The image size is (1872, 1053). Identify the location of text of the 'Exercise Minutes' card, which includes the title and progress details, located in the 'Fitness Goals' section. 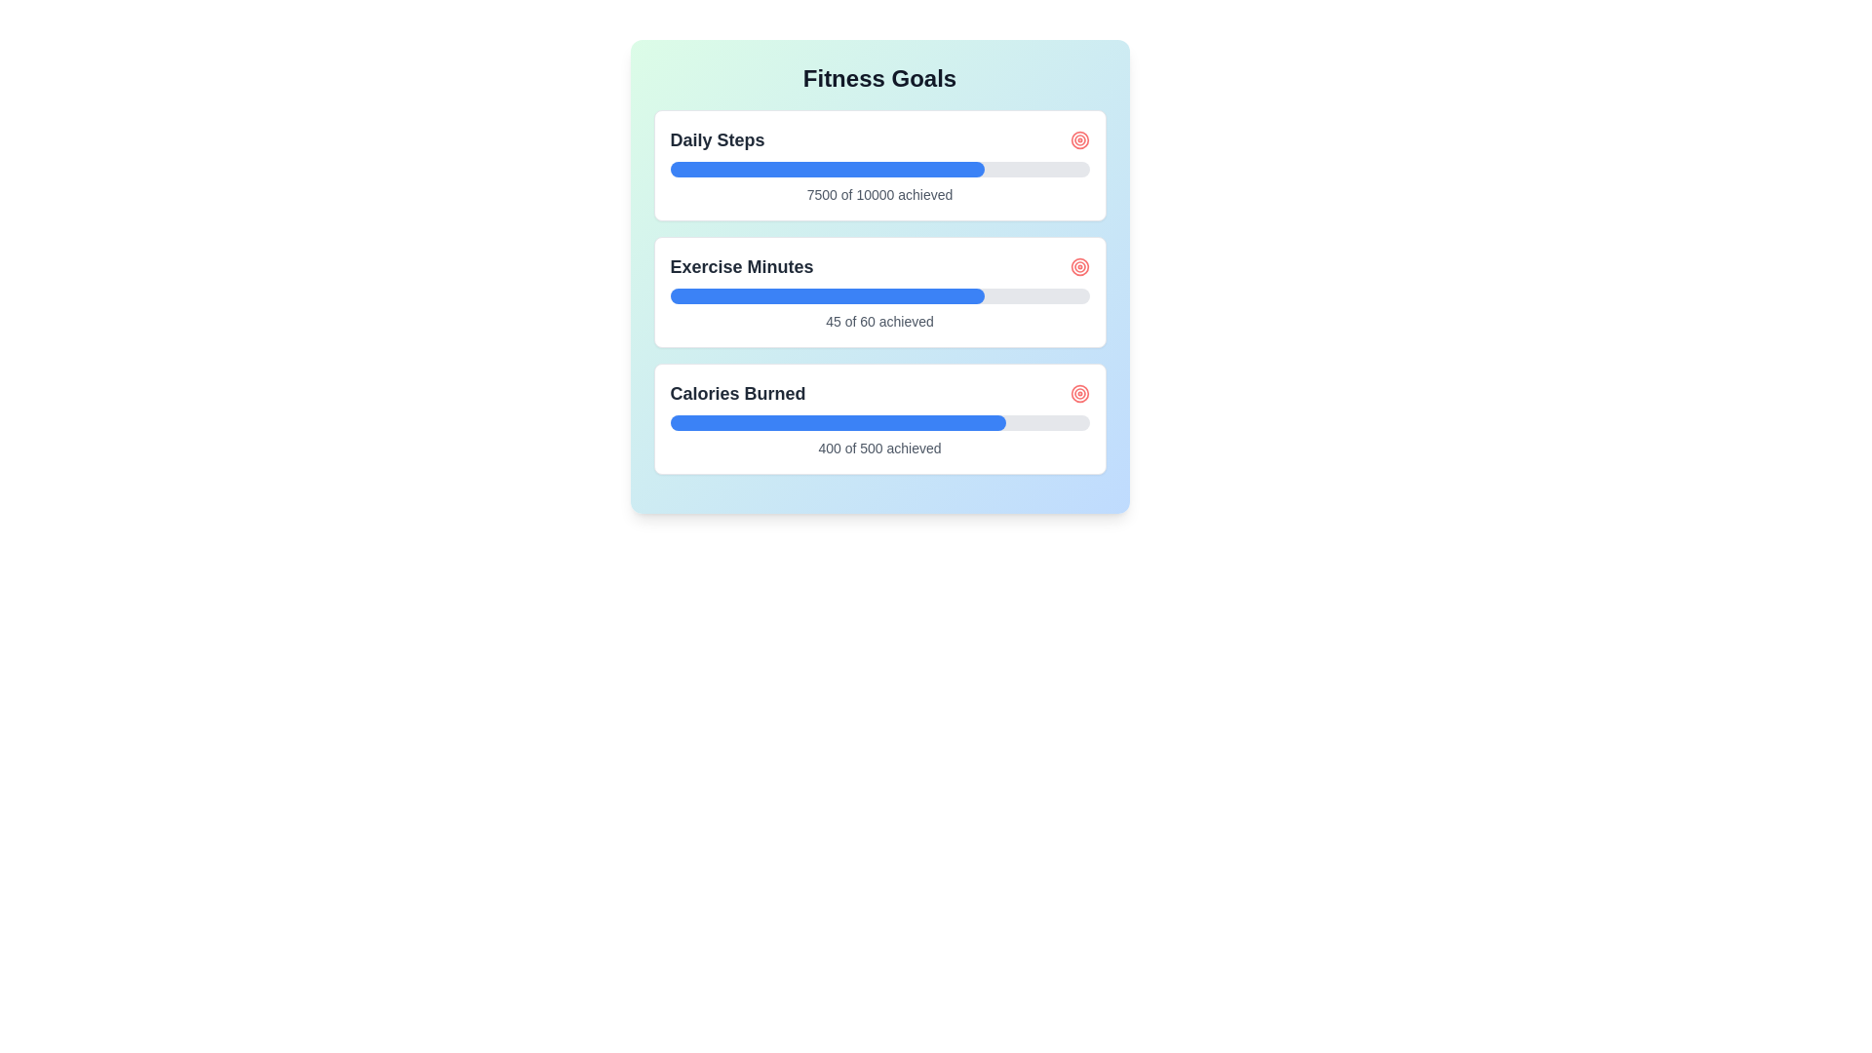
(878, 292).